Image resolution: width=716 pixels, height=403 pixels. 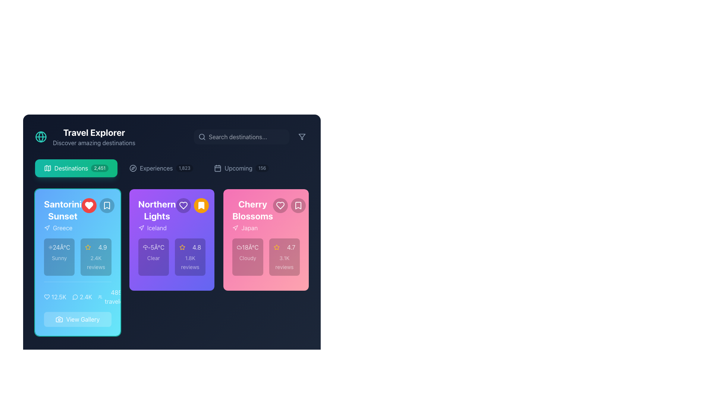 I want to click on the arrow-like icon with a triangular shape pointing to the right, which is located to the left of the text label 'Japan', so click(x=235, y=227).